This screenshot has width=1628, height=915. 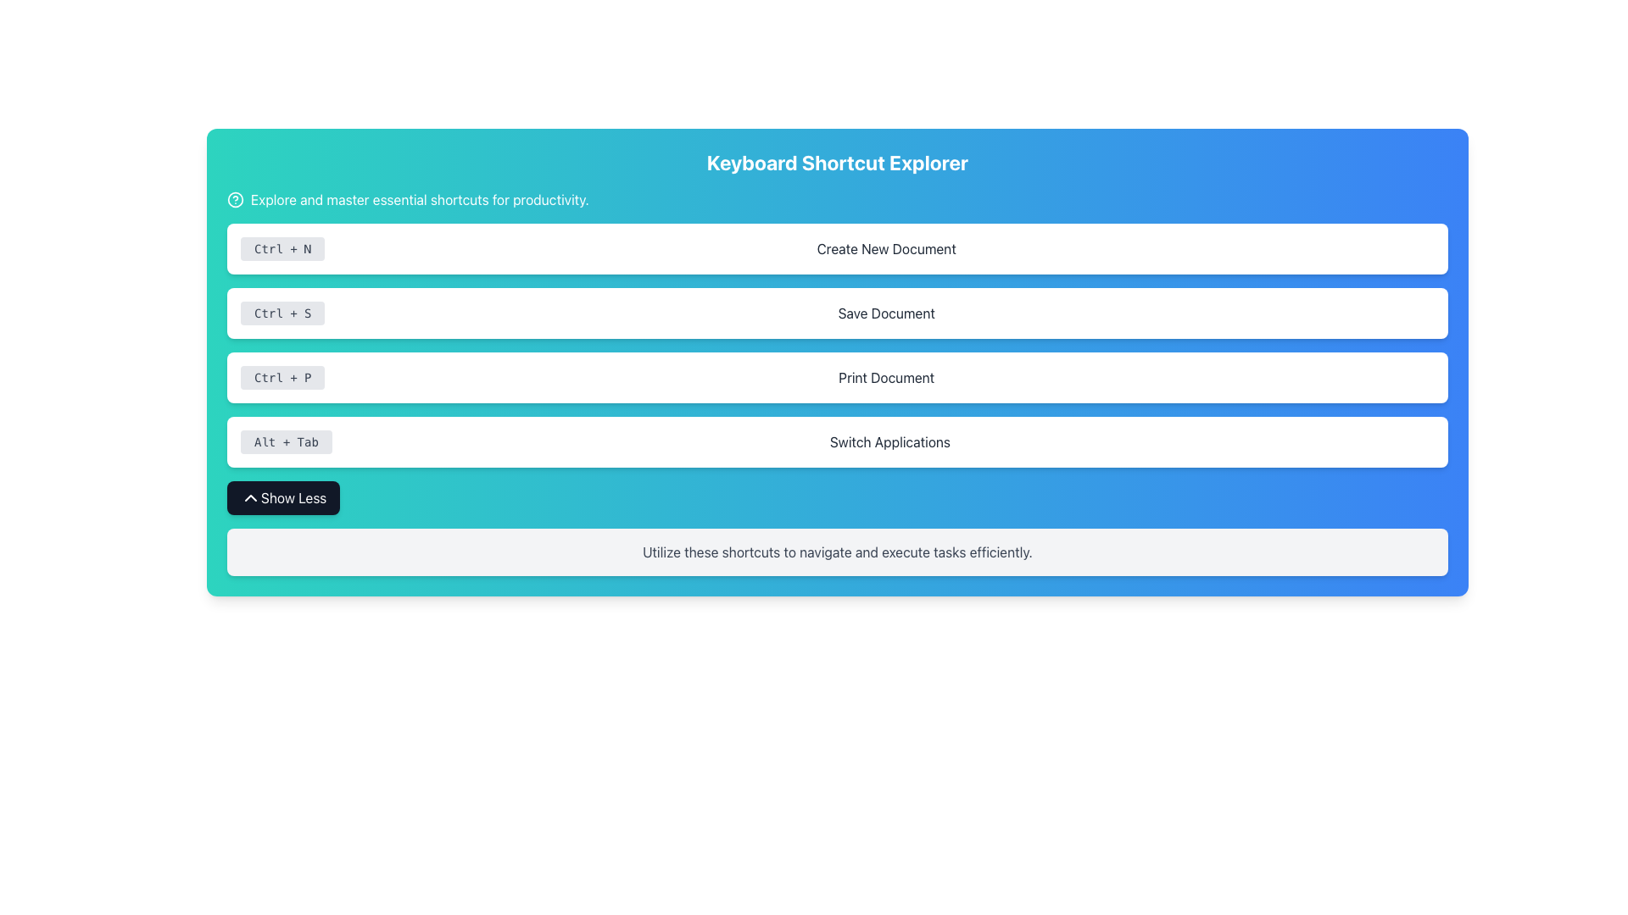 I want to click on the static text label displaying the keyboard shortcut 'Ctrl + N', which indicates the action for creating a new document, so click(x=282, y=248).